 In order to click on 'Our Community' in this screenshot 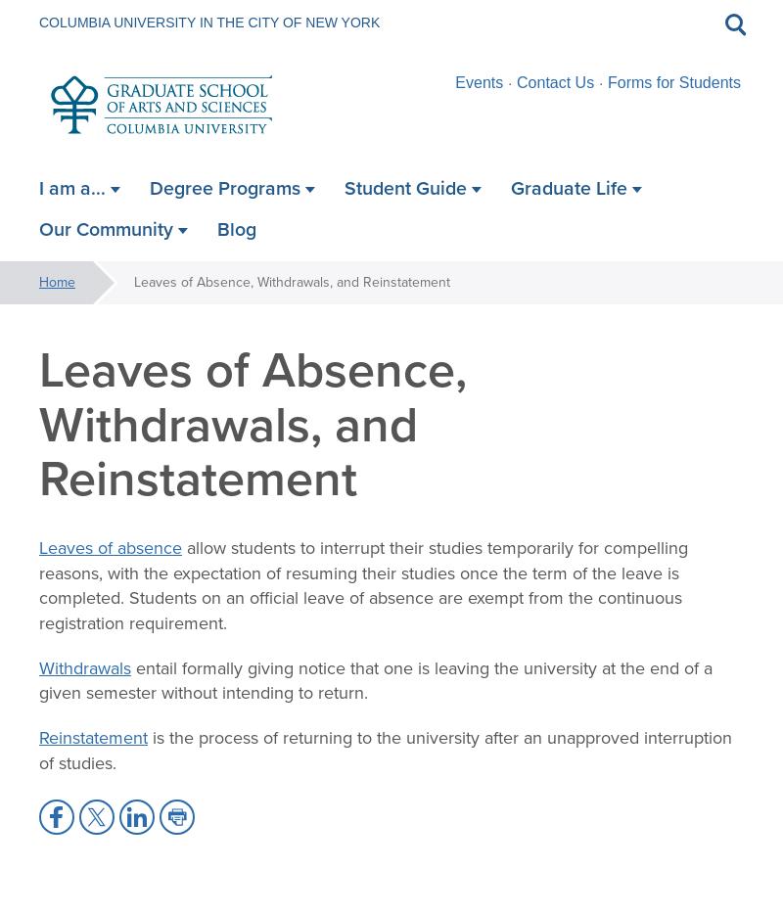, I will do `click(105, 229)`.